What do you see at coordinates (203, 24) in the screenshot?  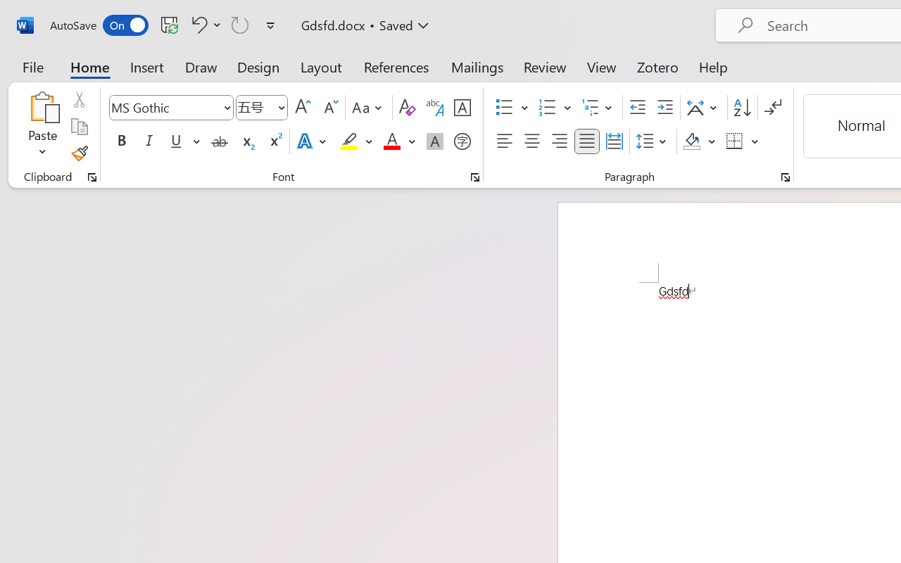 I see `'Undo Font Formatting'` at bounding box center [203, 24].